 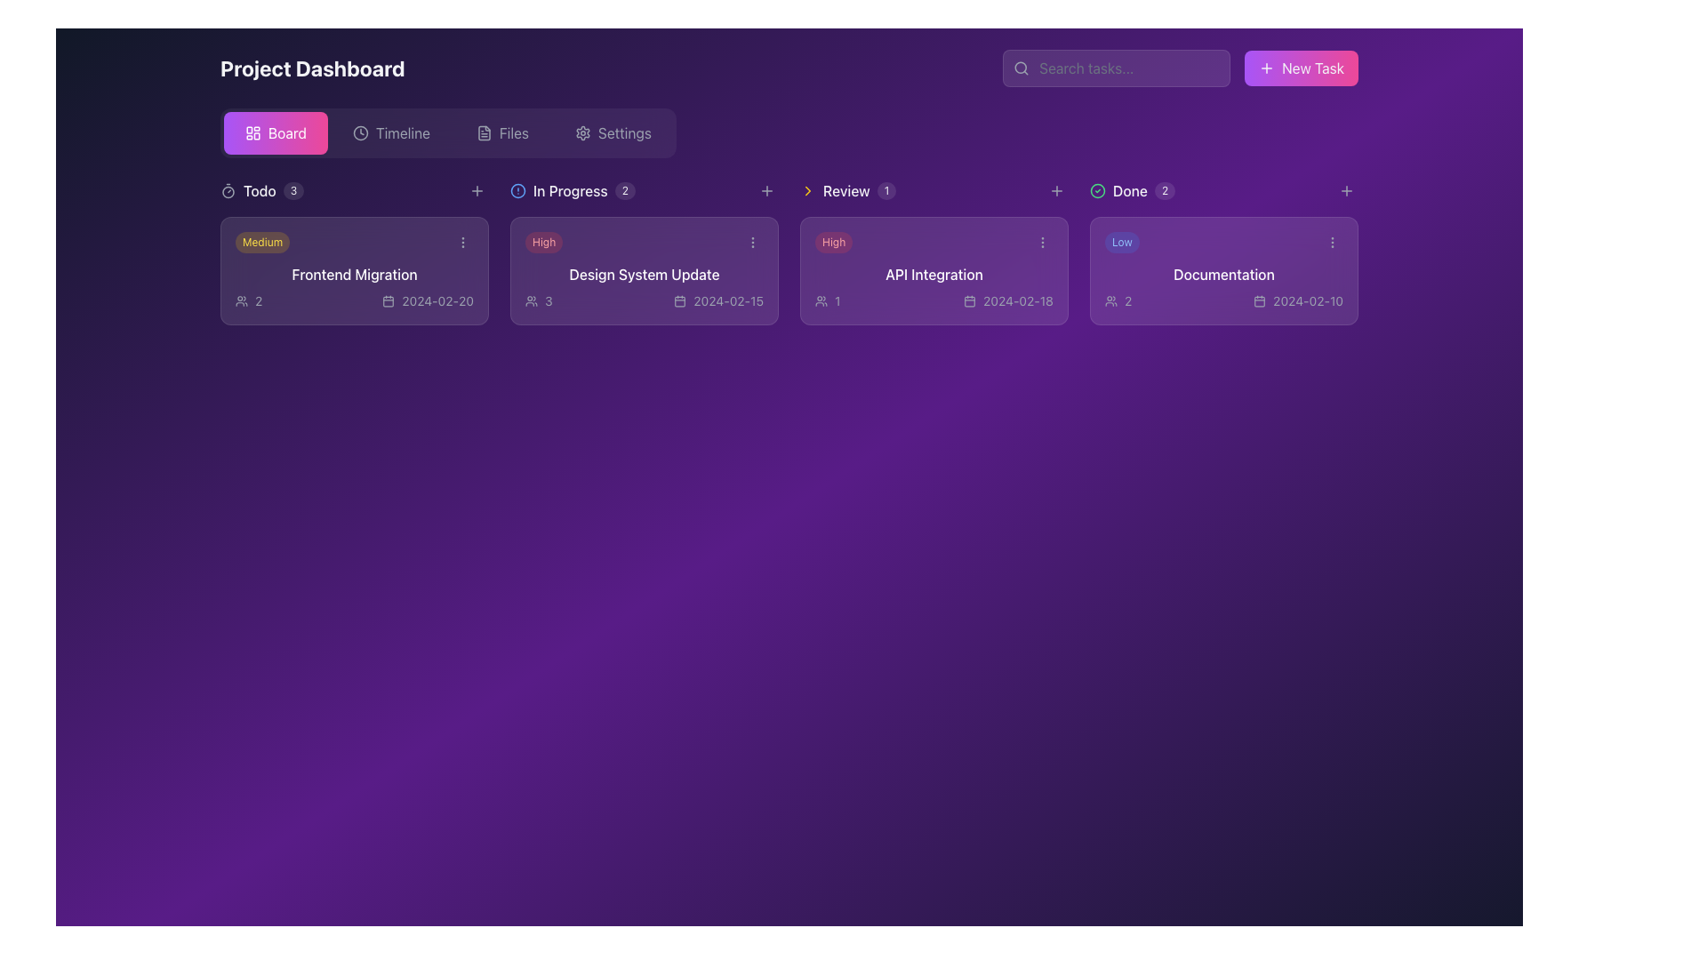 What do you see at coordinates (934, 274) in the screenshot?
I see `the text label that displays the title of a project task in the 'Review' column of the kanban board, located below the 'High' badge and above the details section` at bounding box center [934, 274].